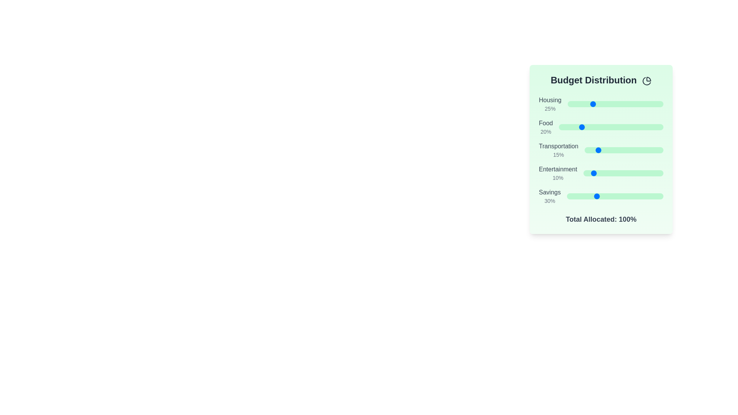 This screenshot has height=415, width=738. I want to click on the Transportation slider to 96%, so click(660, 150).